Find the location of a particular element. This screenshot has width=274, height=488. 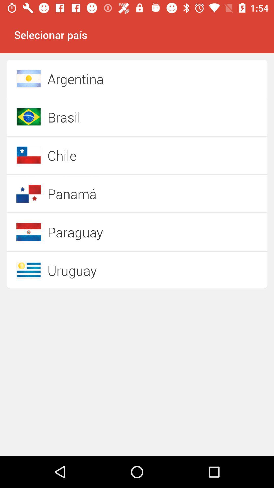

paraguay item is located at coordinates (119, 232).